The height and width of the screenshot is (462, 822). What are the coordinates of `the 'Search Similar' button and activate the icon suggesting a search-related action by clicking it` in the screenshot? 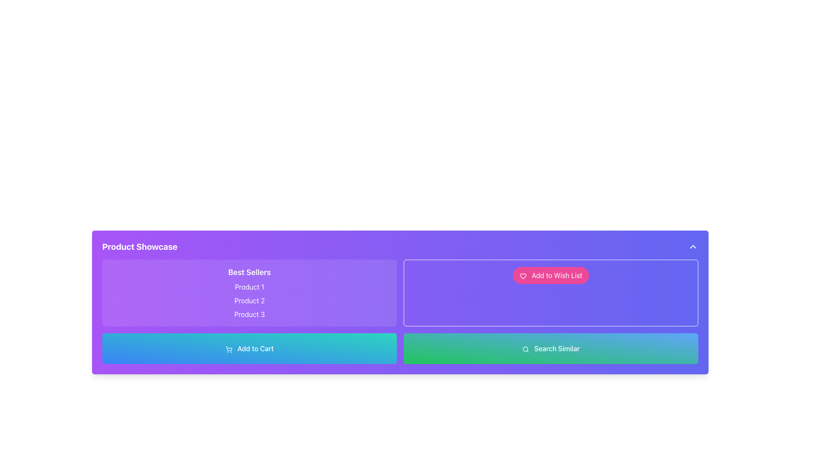 It's located at (525, 349).